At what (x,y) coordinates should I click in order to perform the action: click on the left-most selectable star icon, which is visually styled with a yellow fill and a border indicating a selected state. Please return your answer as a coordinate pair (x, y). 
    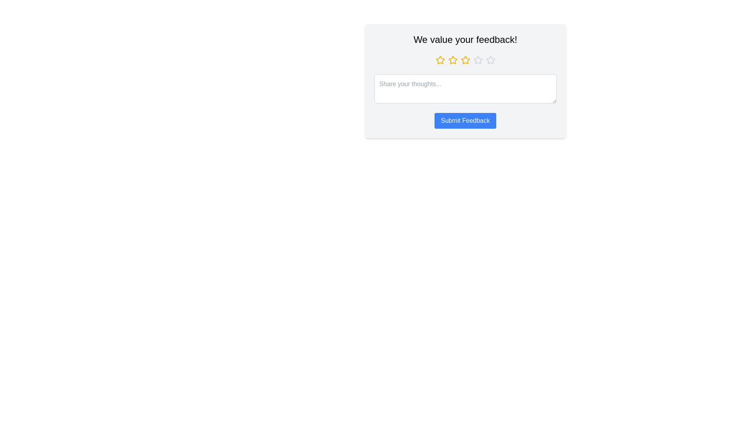
    Looking at the image, I should click on (440, 60).